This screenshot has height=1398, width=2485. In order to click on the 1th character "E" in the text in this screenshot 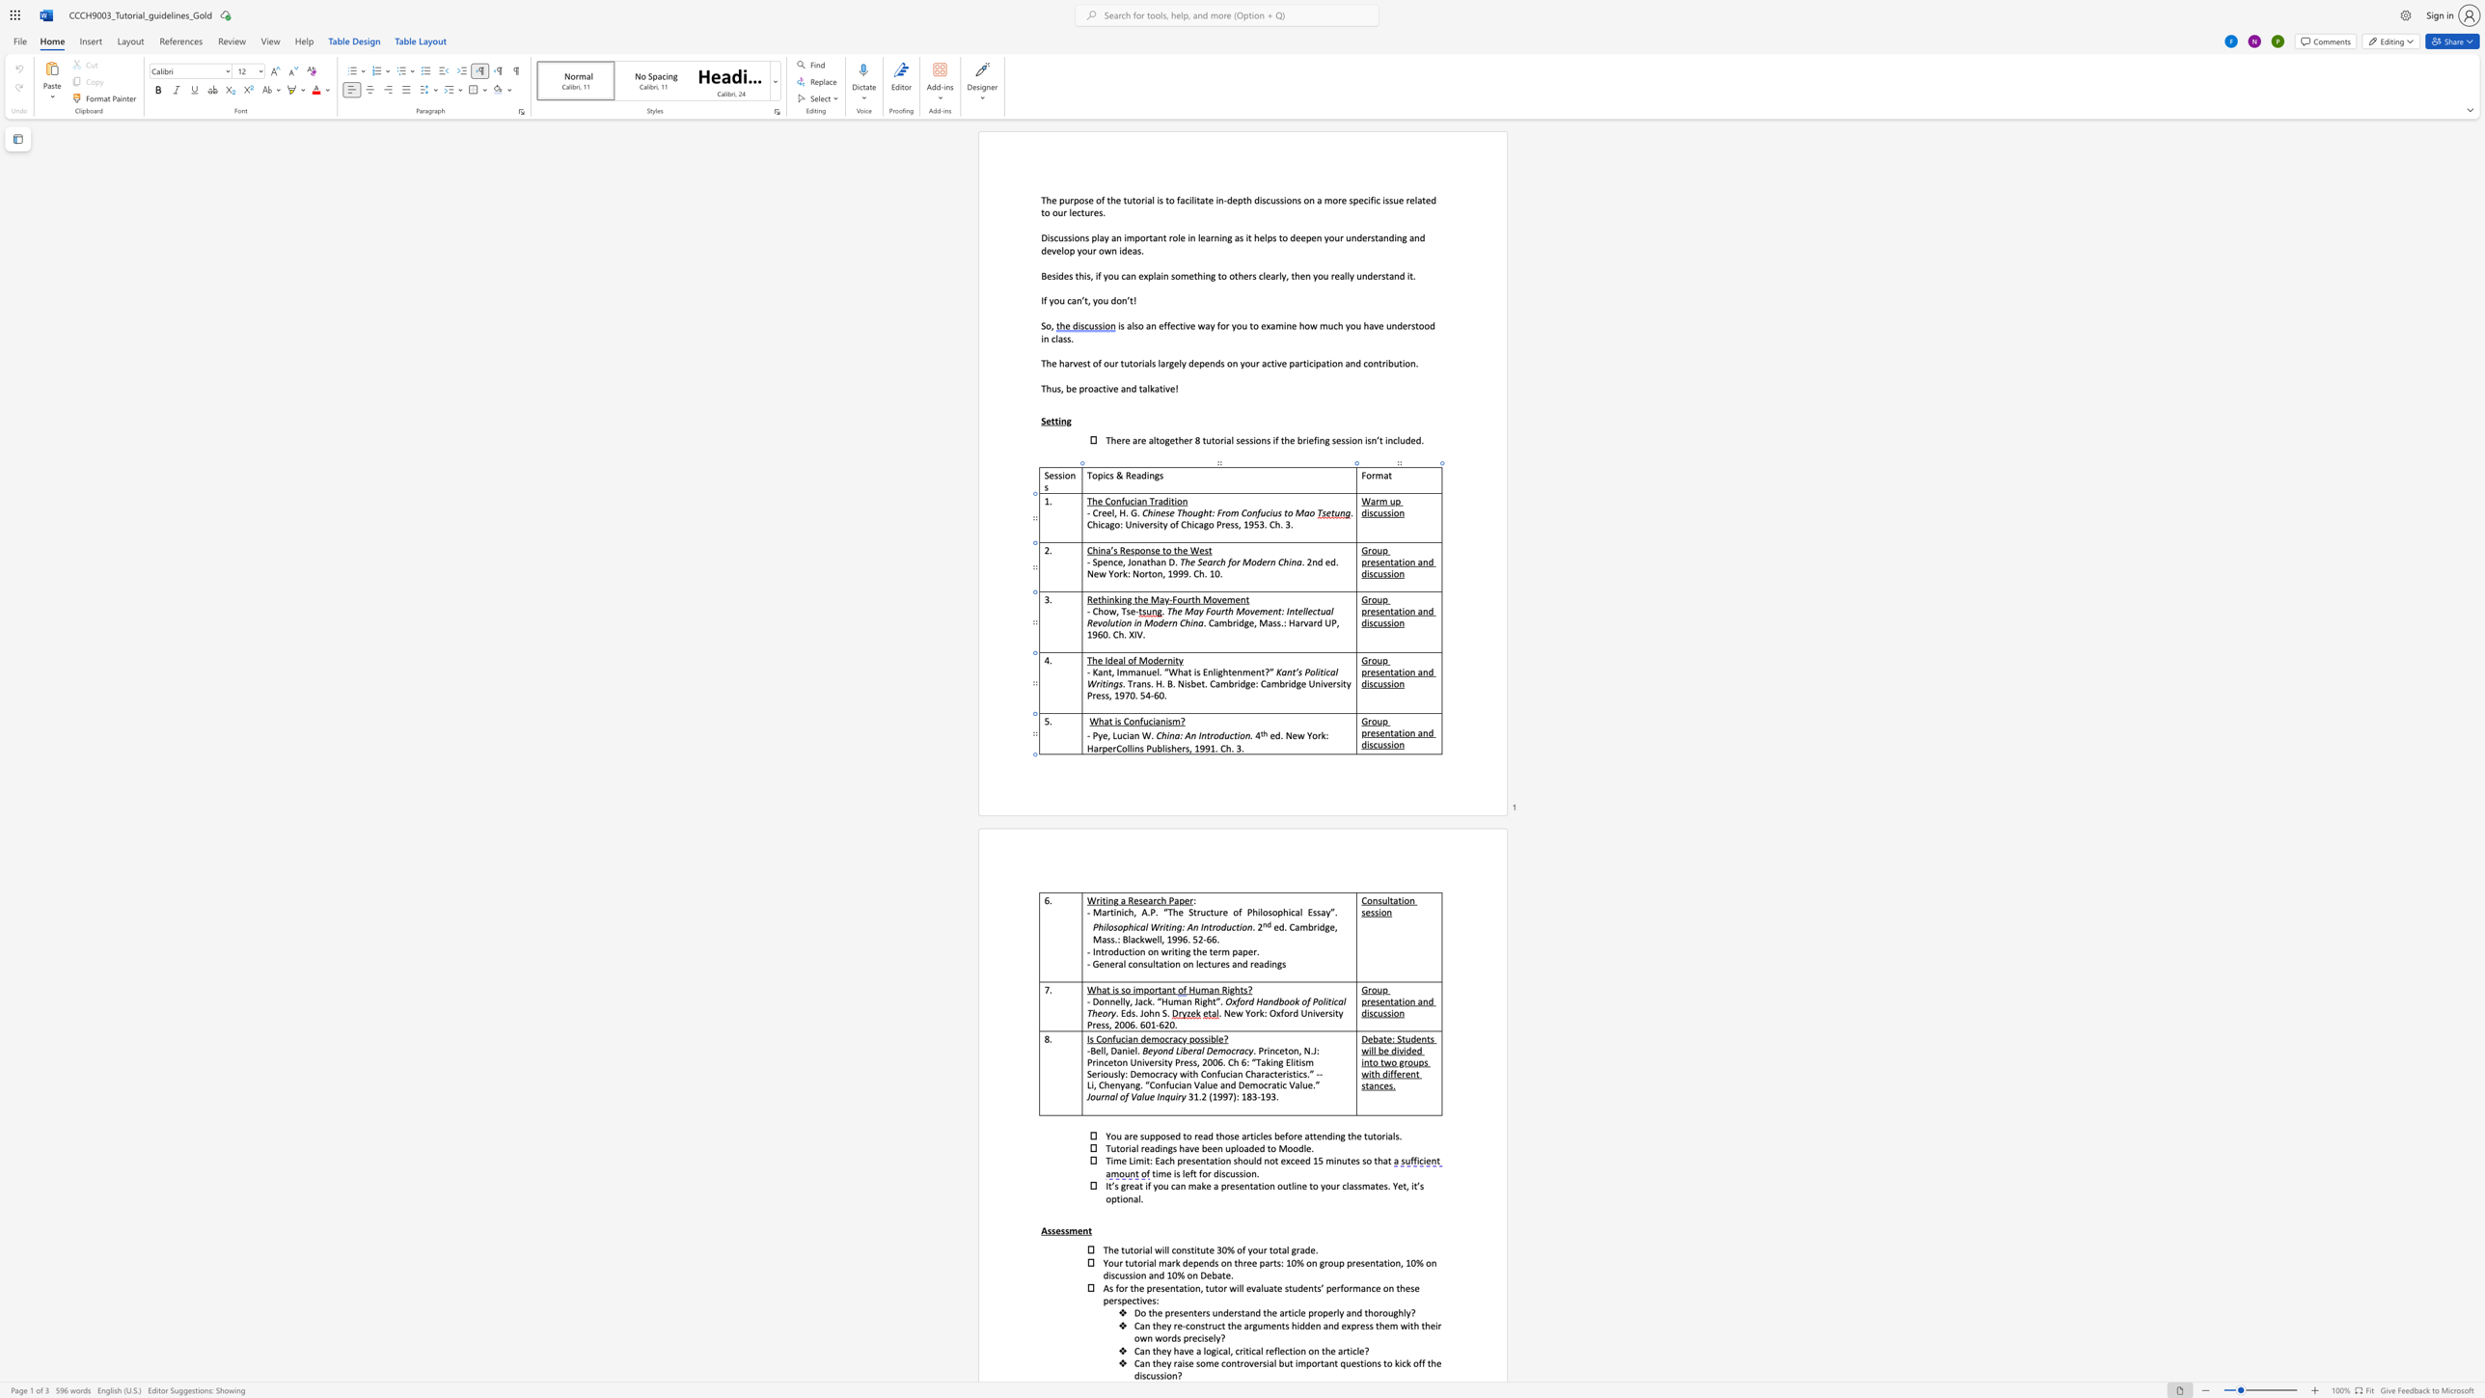, I will do `click(1309, 912)`.